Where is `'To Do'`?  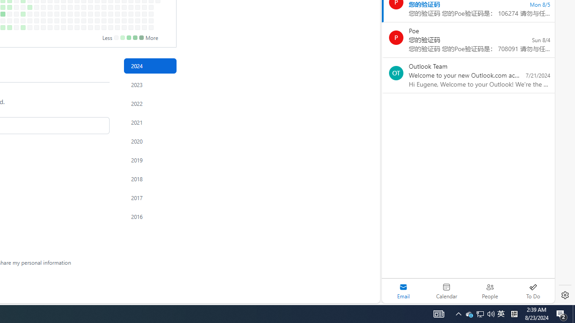 'To Do' is located at coordinates (533, 291).